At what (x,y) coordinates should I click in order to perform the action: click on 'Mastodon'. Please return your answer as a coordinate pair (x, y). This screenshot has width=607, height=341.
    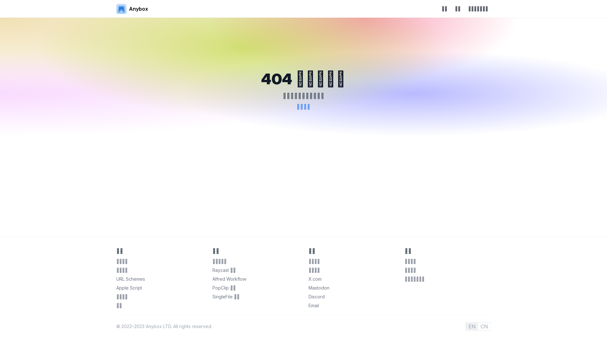
    Looking at the image, I should click on (319, 288).